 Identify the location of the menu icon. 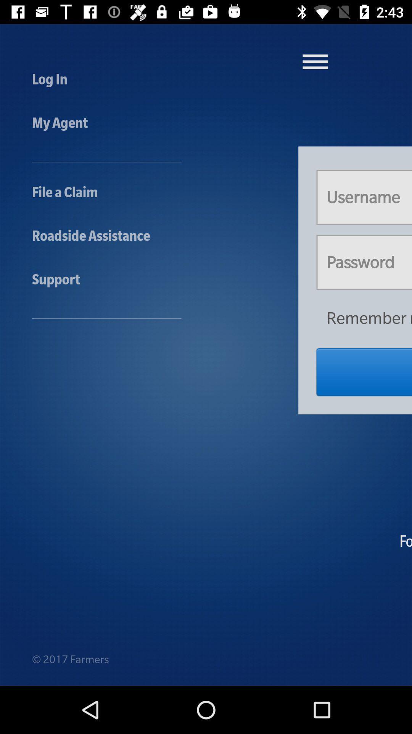
(315, 62).